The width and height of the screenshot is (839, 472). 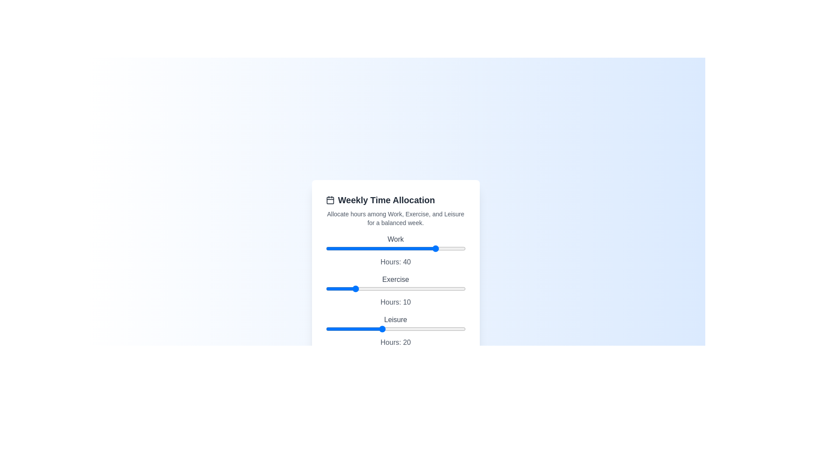 What do you see at coordinates (395, 329) in the screenshot?
I see `the slider associated with the label Leisure` at bounding box center [395, 329].